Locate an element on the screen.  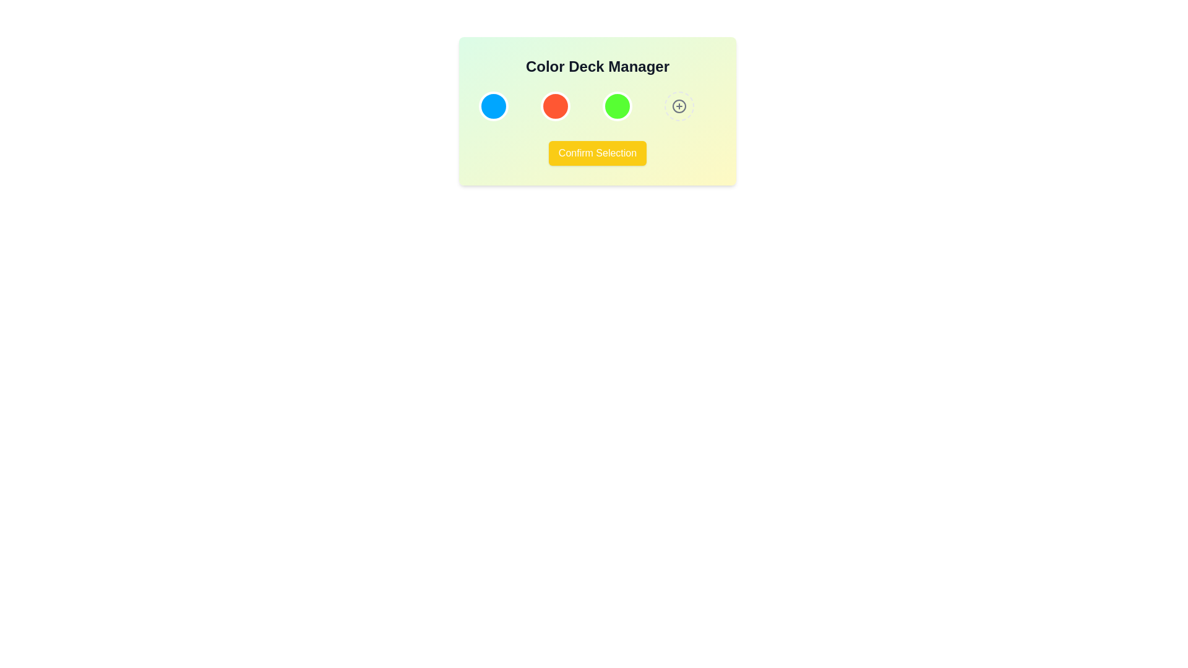
the circular button with a dashed border and a gray plus sign icon located at the far right of the horizontal grid layout is located at coordinates (679, 106).